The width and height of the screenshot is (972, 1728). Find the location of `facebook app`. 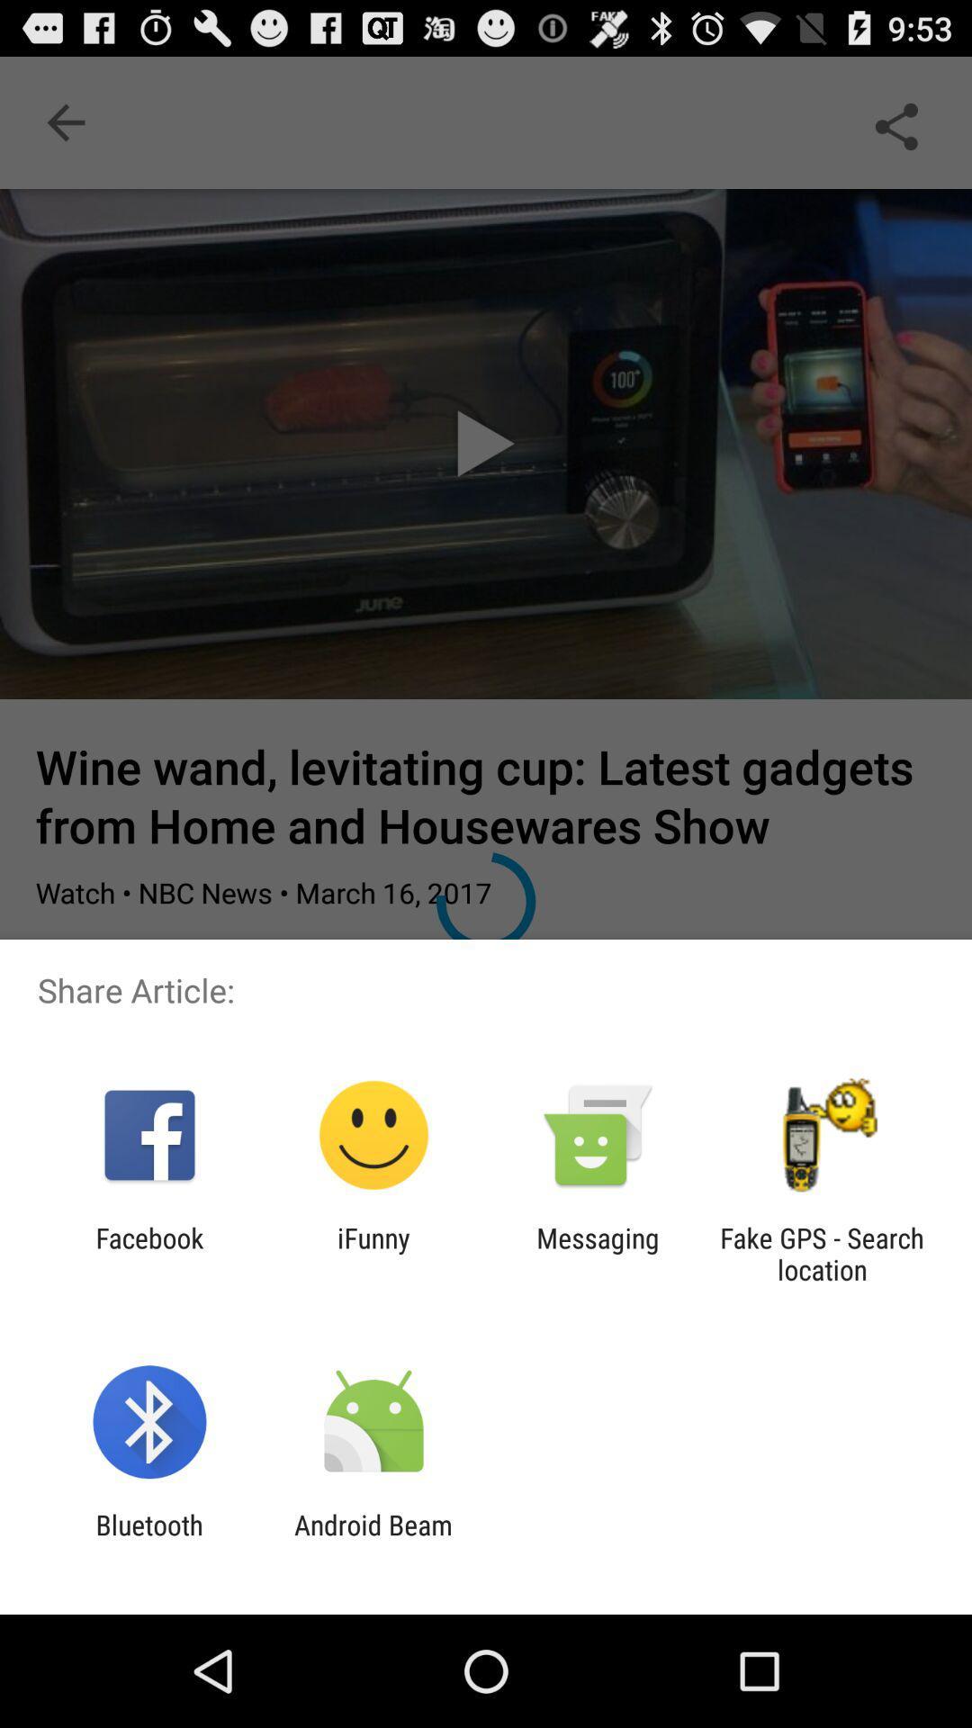

facebook app is located at coordinates (148, 1253).